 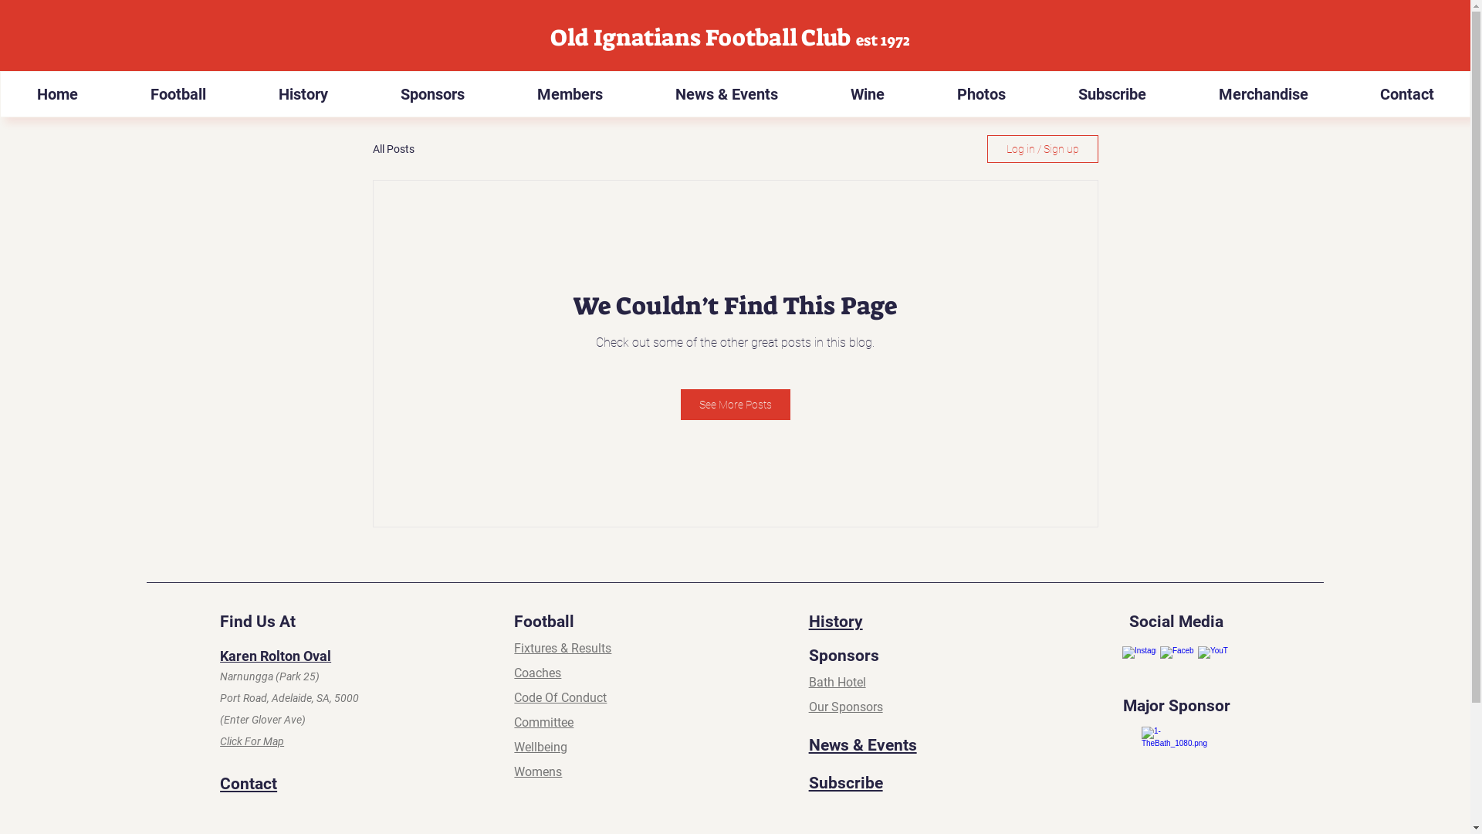 I want to click on 'Coaches', so click(x=537, y=672).